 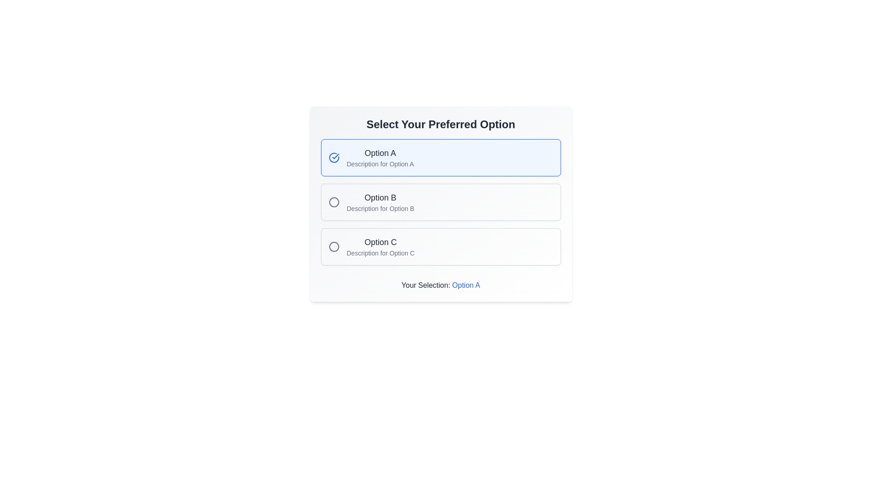 What do you see at coordinates (441, 247) in the screenshot?
I see `the radio button labeled 'Option C'` at bounding box center [441, 247].